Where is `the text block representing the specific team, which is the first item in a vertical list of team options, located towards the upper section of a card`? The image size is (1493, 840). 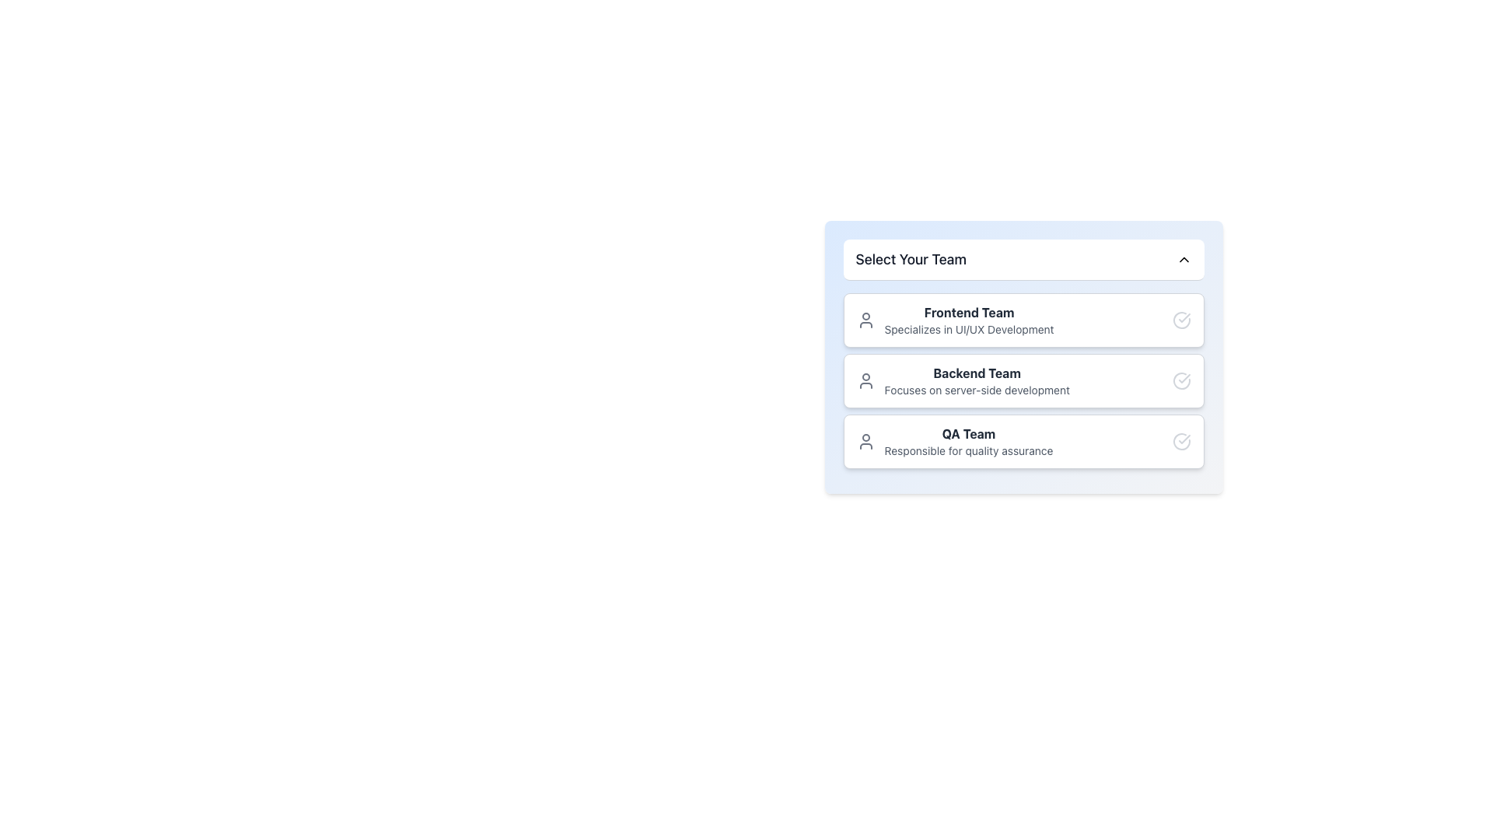
the text block representing the specific team, which is the first item in a vertical list of team options, located towards the upper section of a card is located at coordinates (968, 320).